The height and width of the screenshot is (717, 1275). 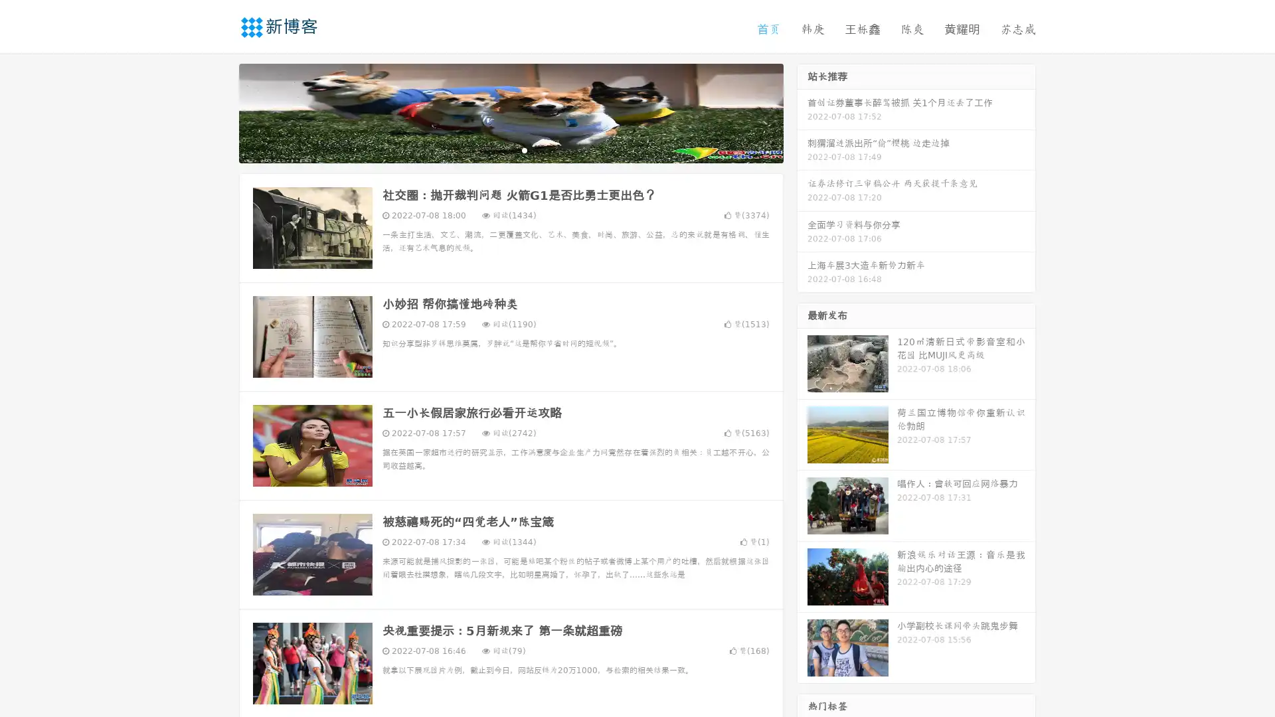 What do you see at coordinates (219, 112) in the screenshot?
I see `Previous slide` at bounding box center [219, 112].